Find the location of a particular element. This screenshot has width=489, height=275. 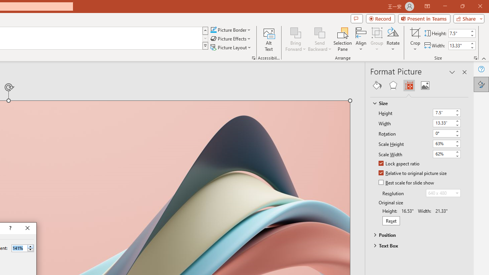

'Width' is located at coordinates (447, 123).